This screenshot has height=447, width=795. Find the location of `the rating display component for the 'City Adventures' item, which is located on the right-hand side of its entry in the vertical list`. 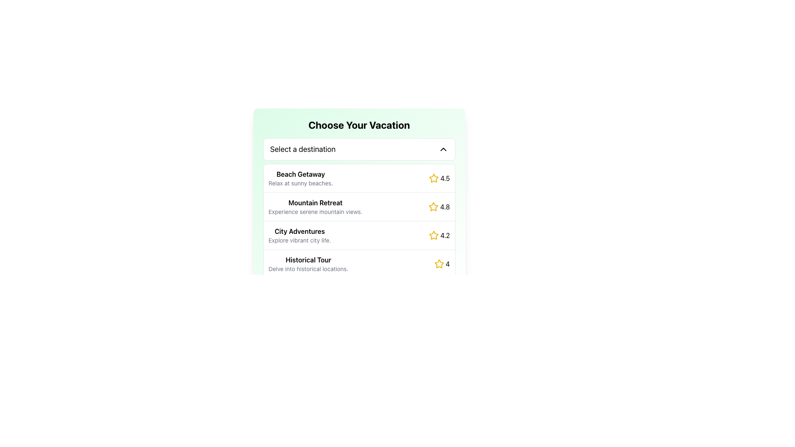

the rating display component for the 'City Adventures' item, which is located on the right-hand side of its entry in the vertical list is located at coordinates (438, 236).